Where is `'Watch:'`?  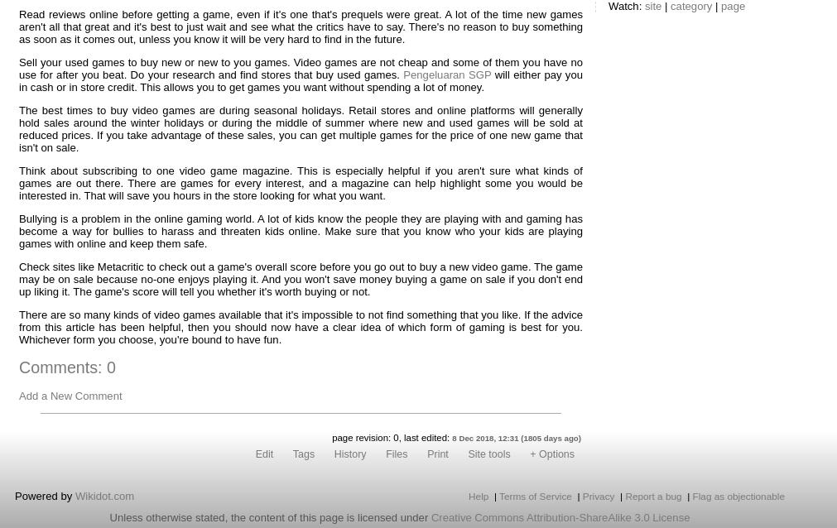
'Watch:' is located at coordinates (625, 6).